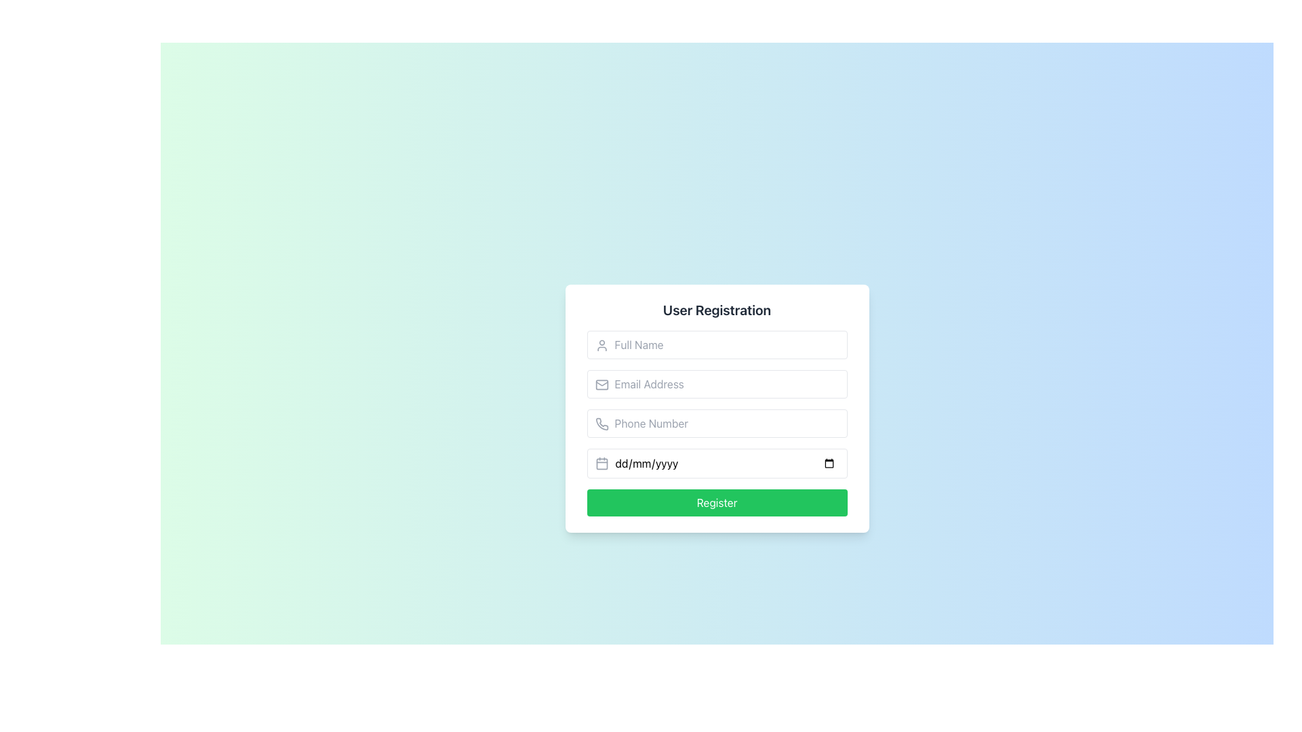 The image size is (1302, 732). Describe the element at coordinates (601, 384) in the screenshot. I see `the envelope icon that indicates the email address input field in the registration form, positioned at the top-left of the field` at that location.